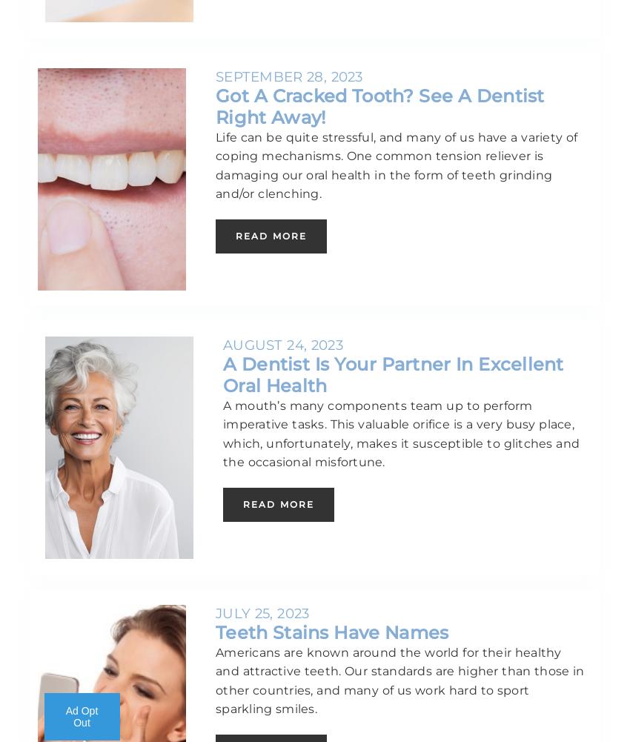 The height and width of the screenshot is (742, 630). I want to click on 'A mouth’s many components team up to perform imperative tasks.  This valuable orifice is a very busy place, which, unfortunately, makes it susceptible to glitches and the occasional misfortune.', so click(222, 433).